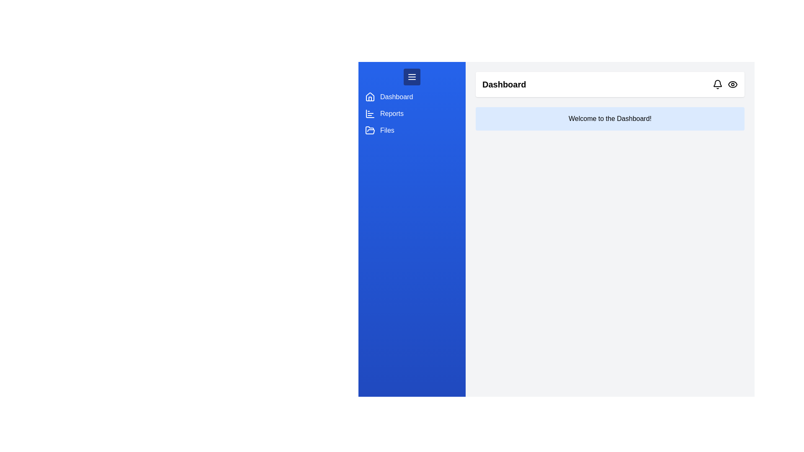 The height and width of the screenshot is (452, 804). I want to click on the 'Reports' text label in the vertical navigation menu, so click(392, 114).